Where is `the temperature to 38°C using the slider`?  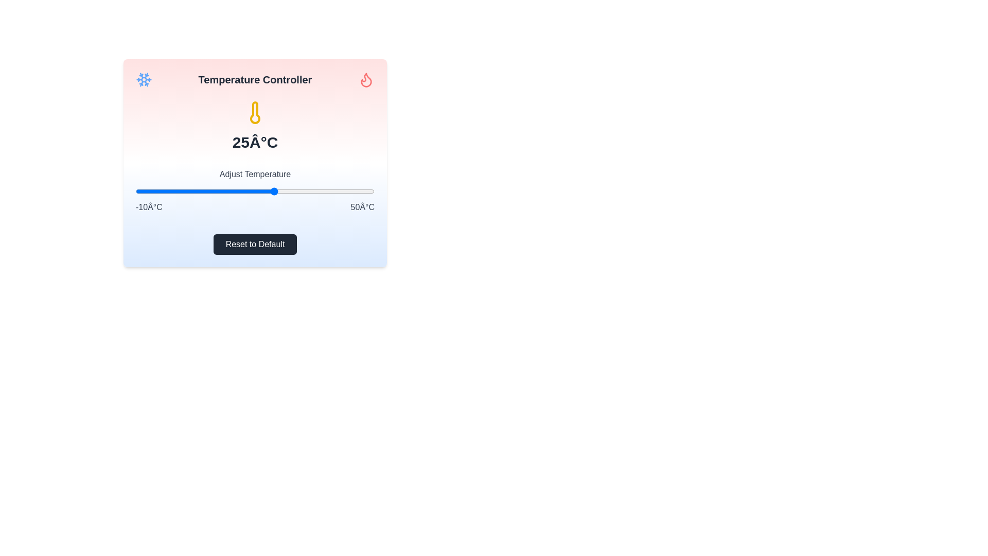 the temperature to 38°C using the slider is located at coordinates (326, 191).